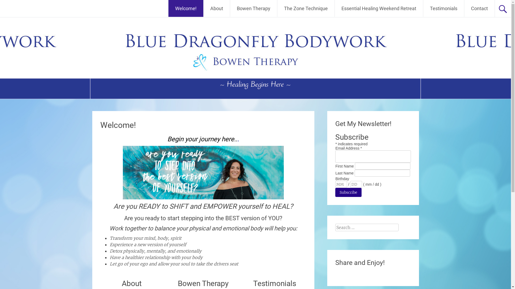  Describe the element at coordinates (479, 8) in the screenshot. I see `'Contact'` at that location.